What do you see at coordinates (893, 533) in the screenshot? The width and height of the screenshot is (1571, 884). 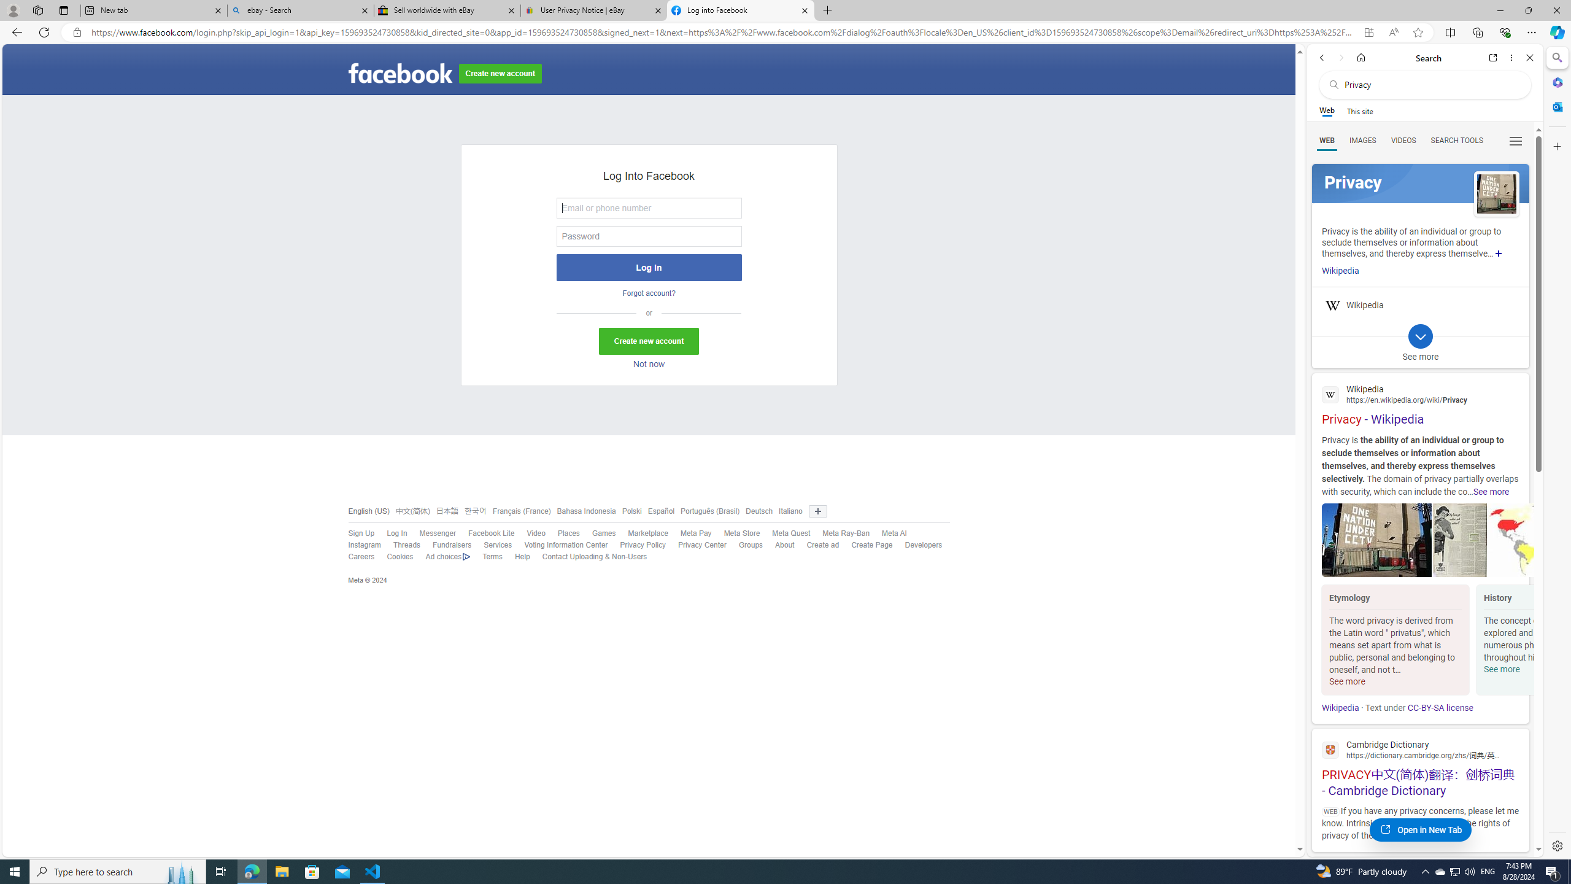 I see `'Meta AI'` at bounding box center [893, 533].